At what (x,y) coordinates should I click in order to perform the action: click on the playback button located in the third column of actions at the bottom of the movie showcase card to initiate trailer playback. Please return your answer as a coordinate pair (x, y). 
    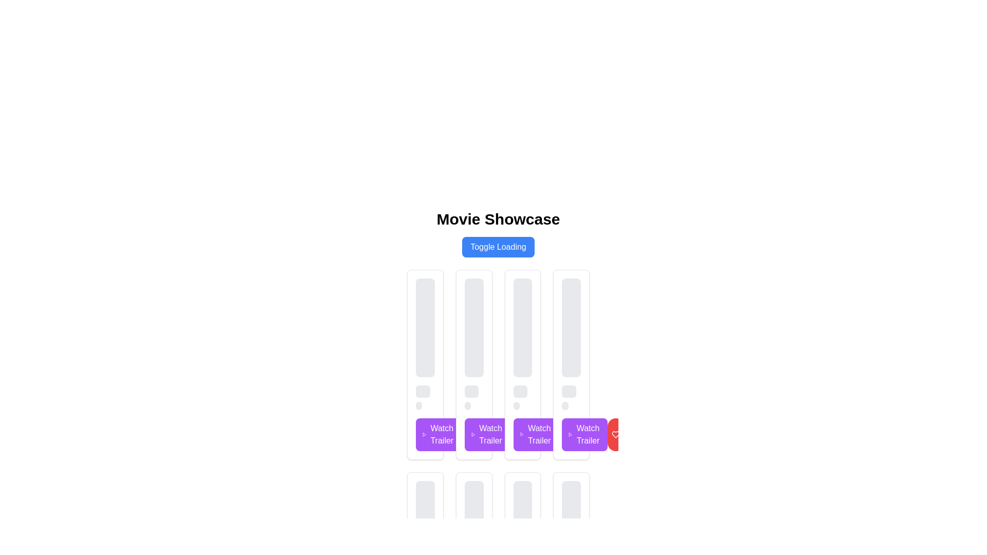
    Looking at the image, I should click on (473, 434).